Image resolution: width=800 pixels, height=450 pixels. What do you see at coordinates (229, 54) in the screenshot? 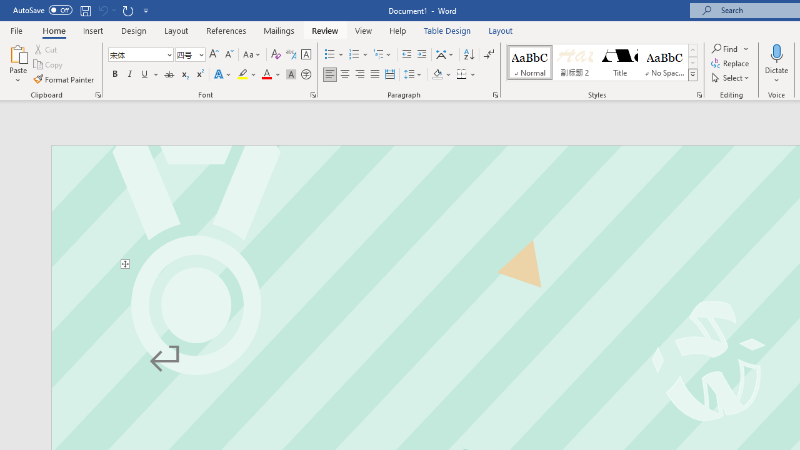
I see `'Shrink Font'` at bounding box center [229, 54].